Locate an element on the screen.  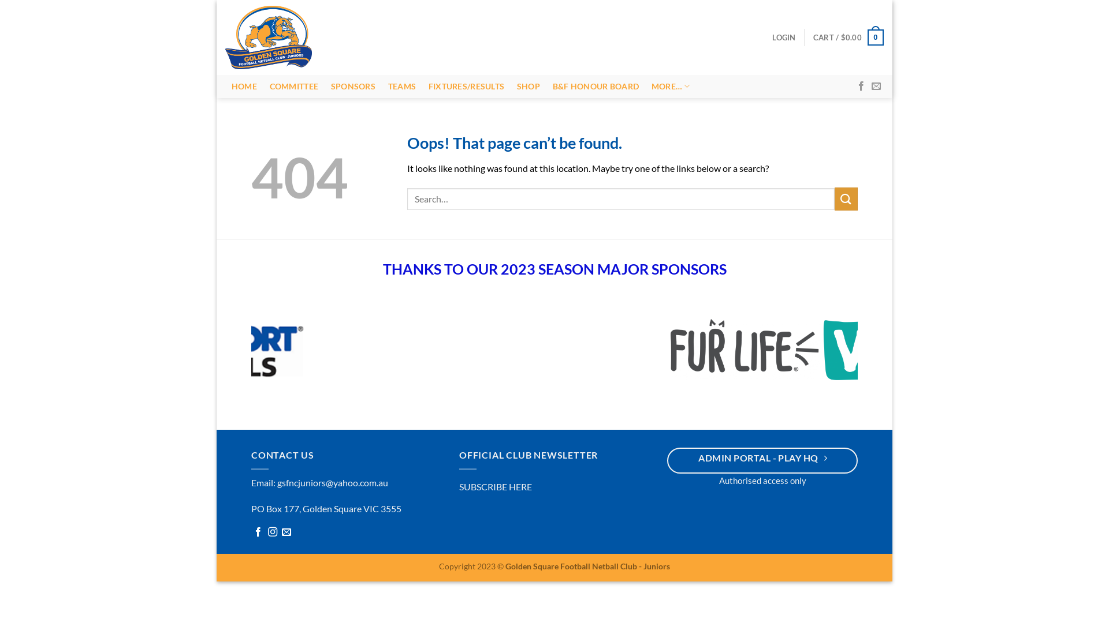
'ADMIN PORTAL - PLAY HQ' is located at coordinates (762, 462).